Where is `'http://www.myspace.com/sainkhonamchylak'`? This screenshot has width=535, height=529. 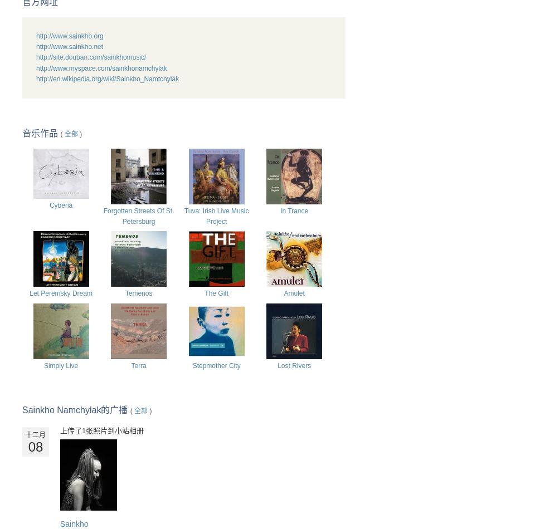
'http://www.myspace.com/sainkhonamchylak' is located at coordinates (101, 67).